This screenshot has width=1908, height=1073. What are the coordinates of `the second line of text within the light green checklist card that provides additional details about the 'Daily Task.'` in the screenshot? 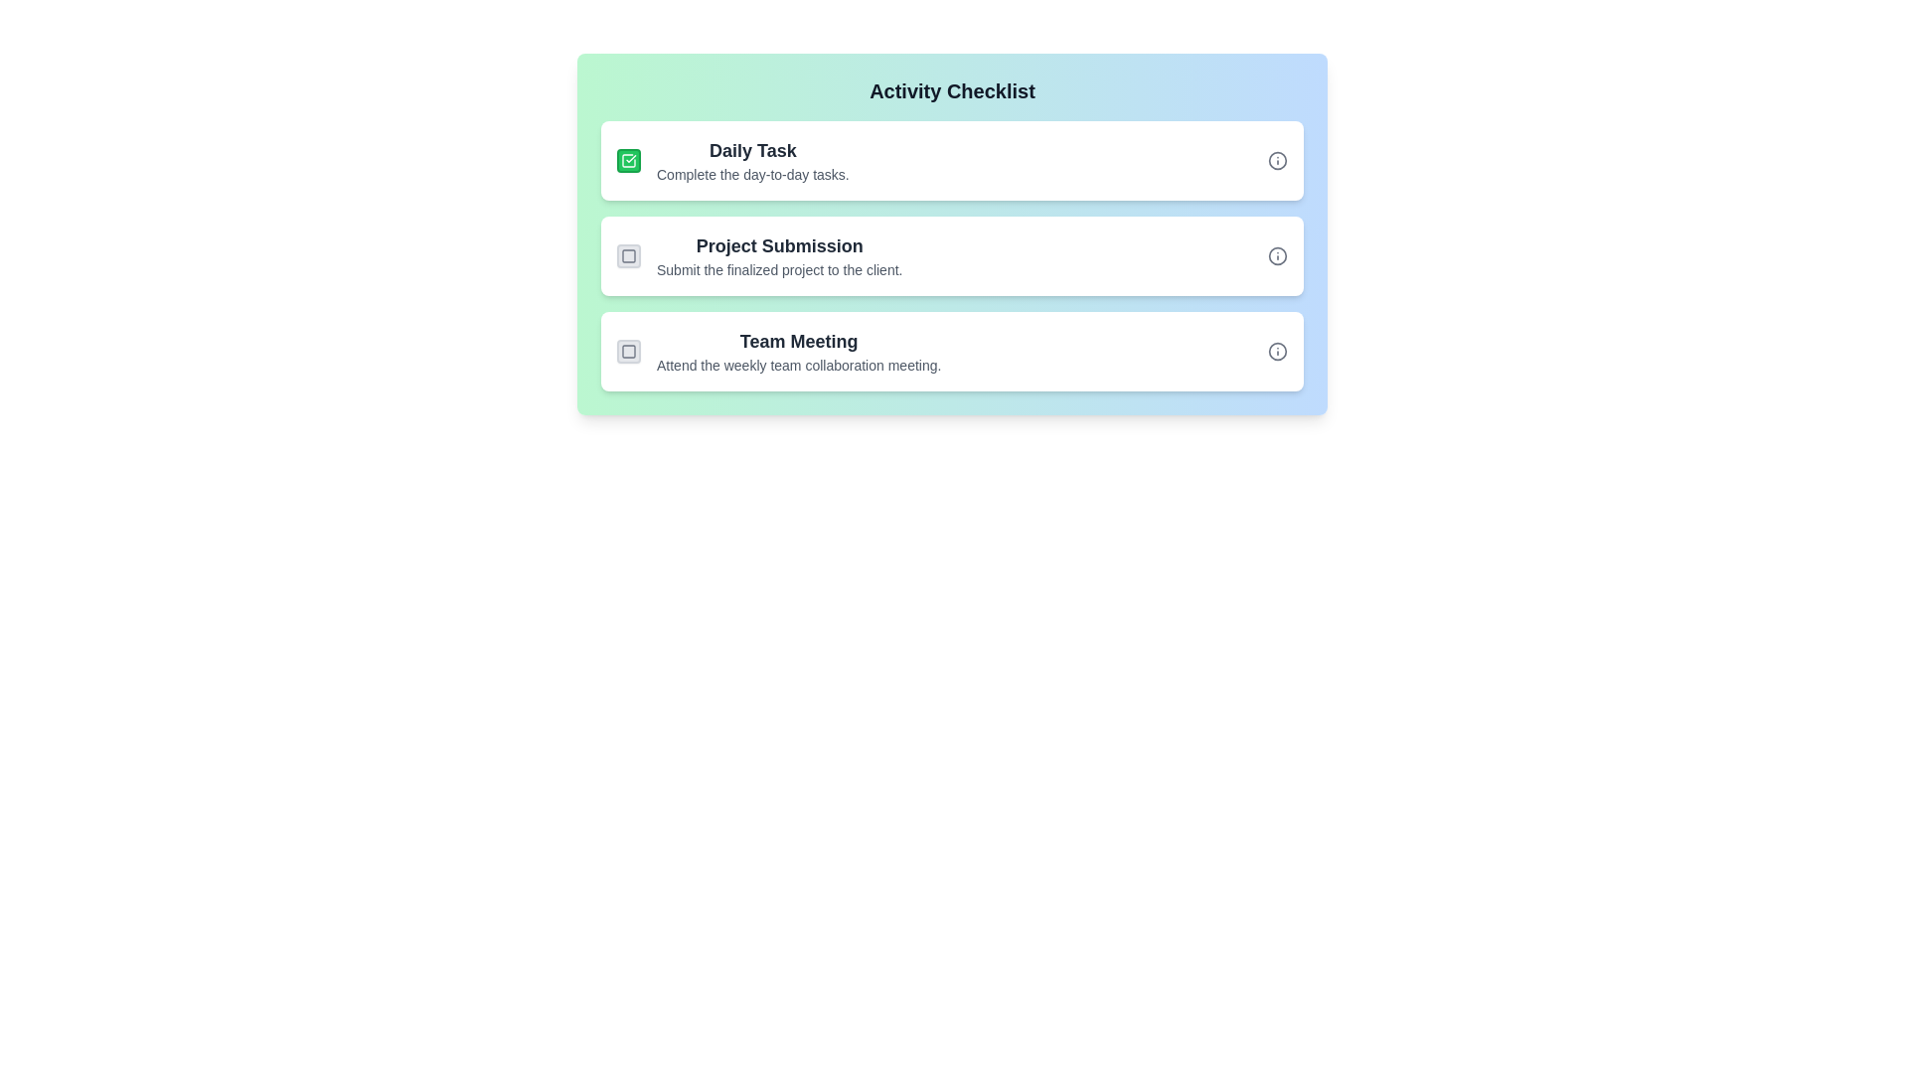 It's located at (751, 174).